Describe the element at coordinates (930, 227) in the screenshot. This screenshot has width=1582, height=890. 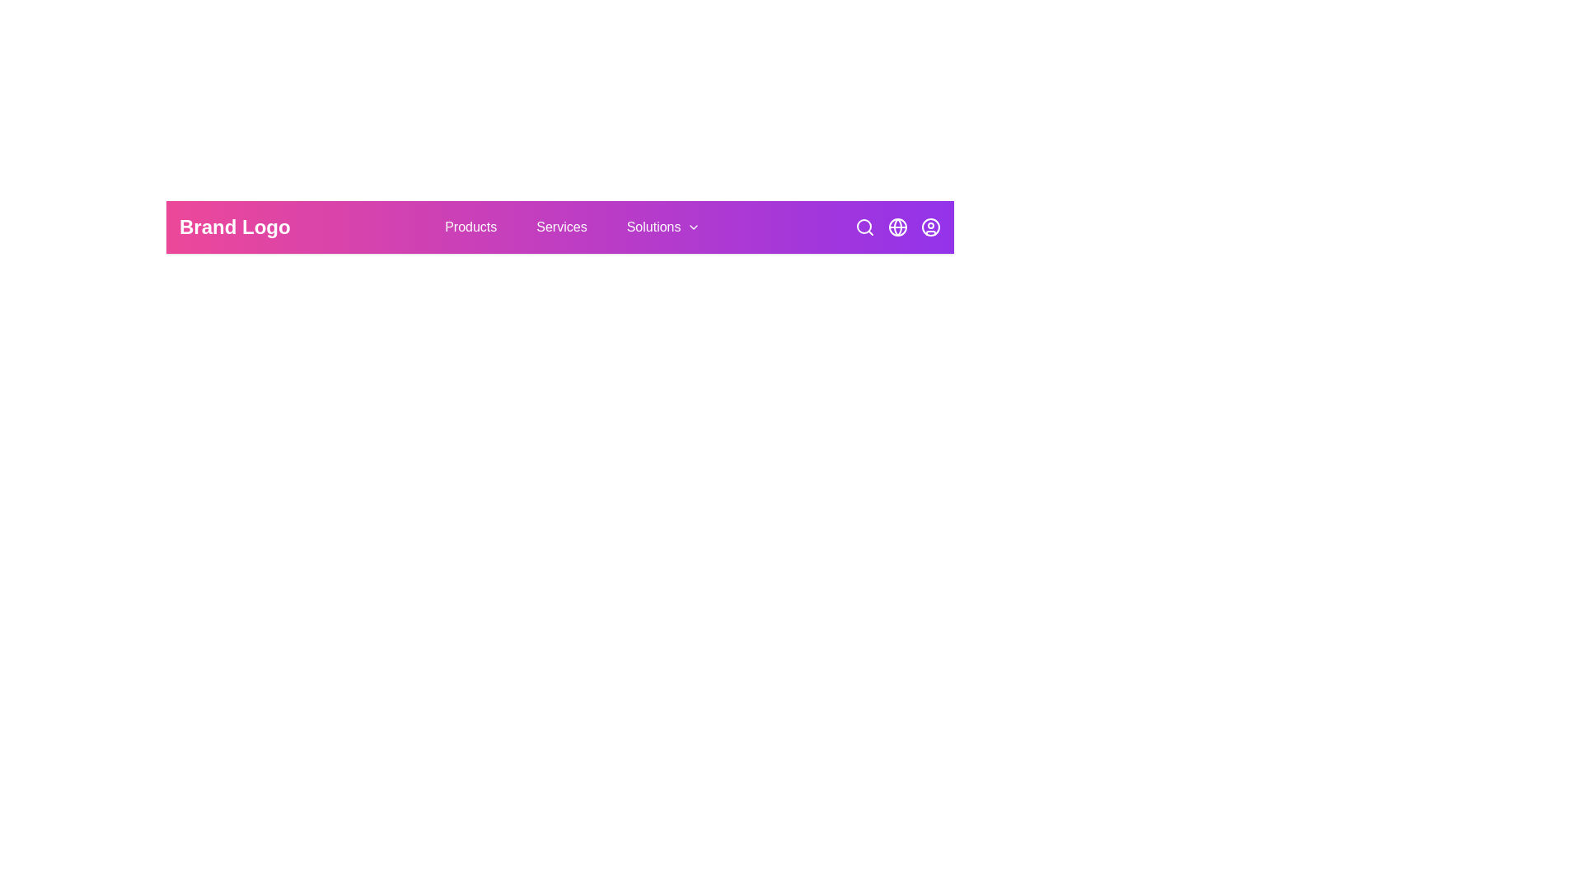
I see `the user icon in the top-right corner of the app bar` at that location.